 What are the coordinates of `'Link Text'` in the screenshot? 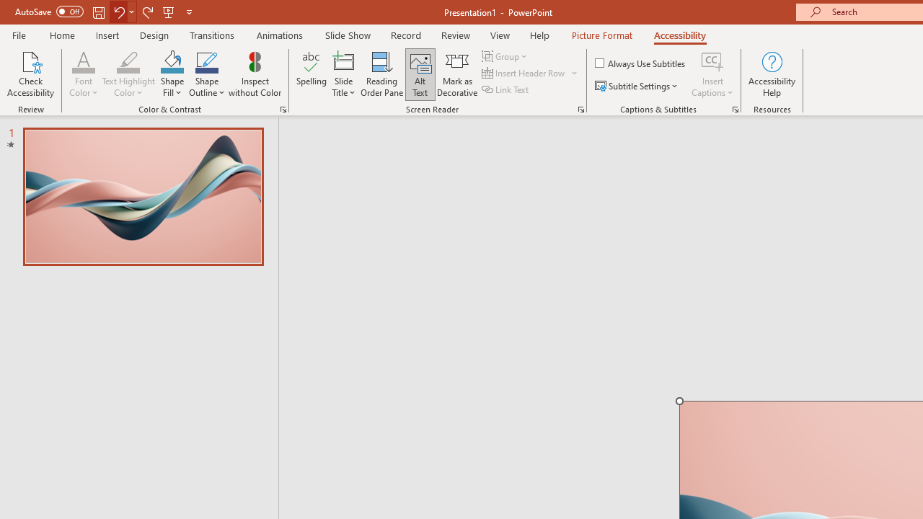 It's located at (506, 89).